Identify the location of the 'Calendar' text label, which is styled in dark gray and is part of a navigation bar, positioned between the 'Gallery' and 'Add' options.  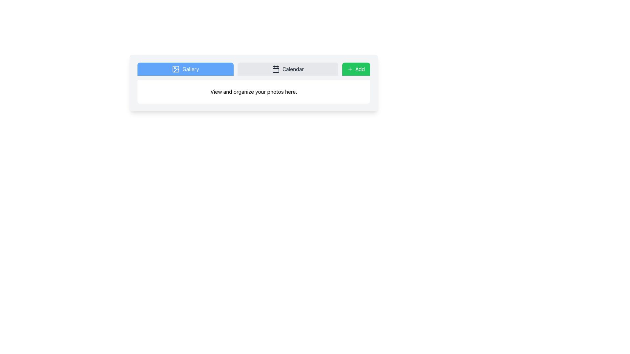
(293, 69).